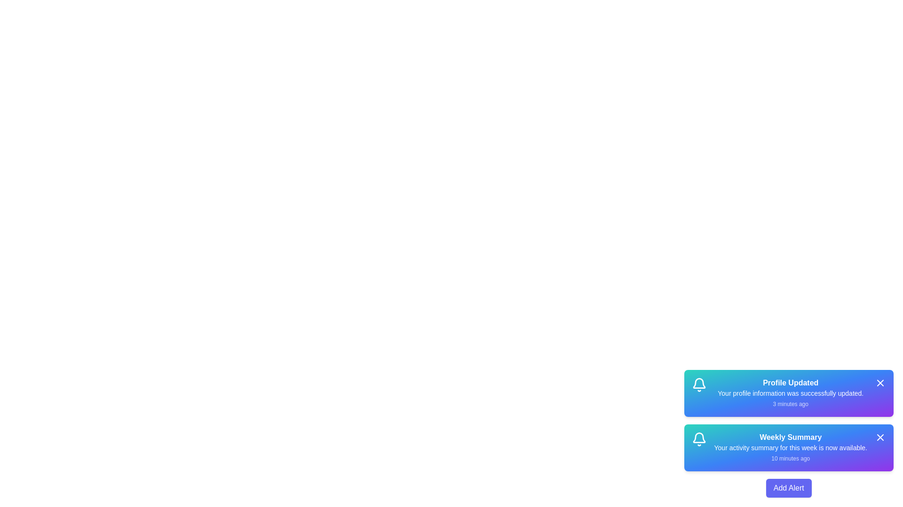 Image resolution: width=903 pixels, height=507 pixels. Describe the element at coordinates (880, 438) in the screenshot. I see `the close button of the alert titled 'Weekly Summary' to remove it` at that location.